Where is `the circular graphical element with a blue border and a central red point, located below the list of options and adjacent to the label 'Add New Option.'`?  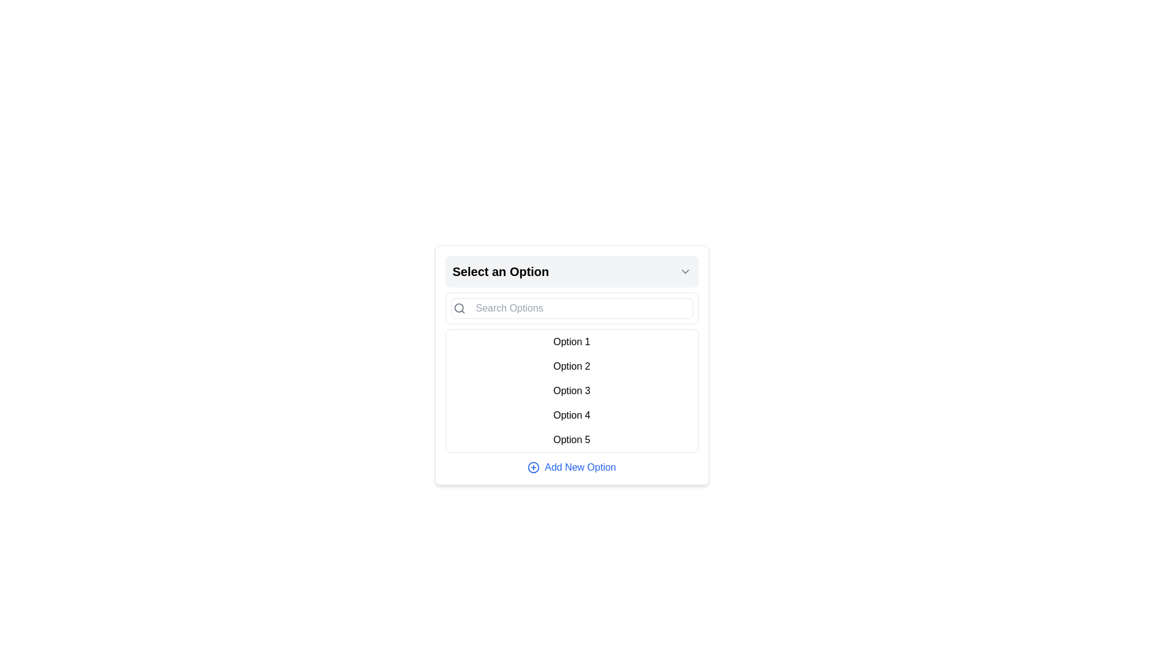
the circular graphical element with a blue border and a central red point, located below the list of options and adjacent to the label 'Add New Option.' is located at coordinates (534, 467).